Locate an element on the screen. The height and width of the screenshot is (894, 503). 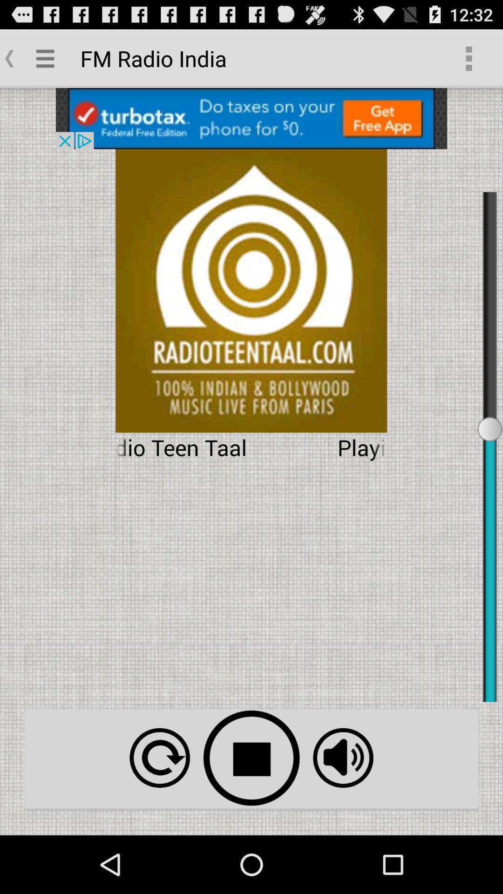
rotate the page is located at coordinates (159, 758).